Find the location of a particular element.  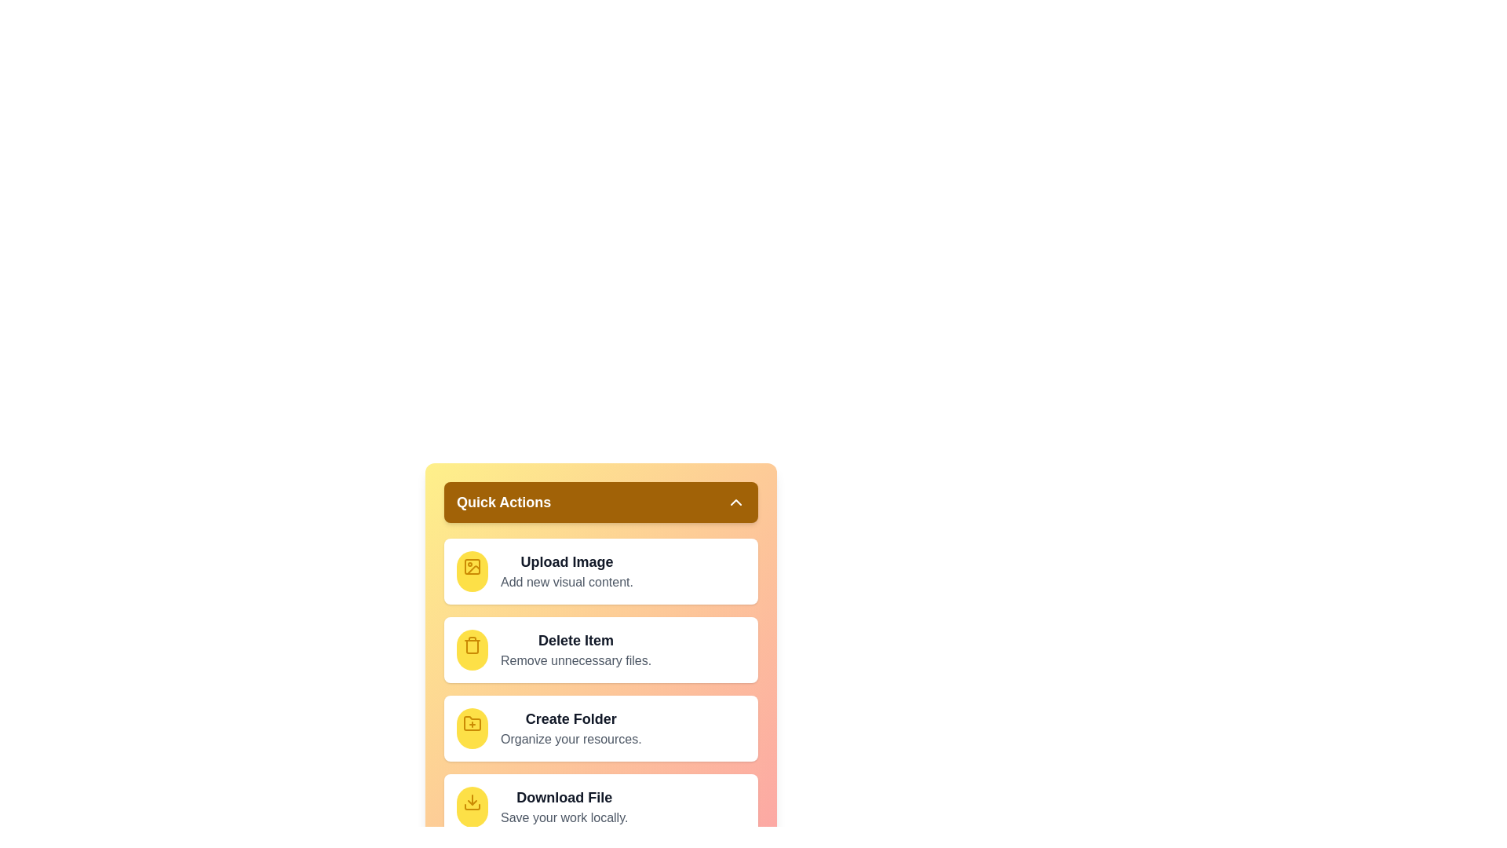

the header button to toggle the menu visibility is located at coordinates (600, 503).